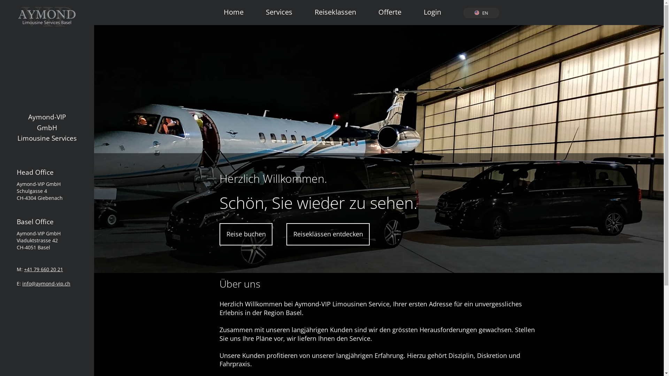  Describe the element at coordinates (335, 8) in the screenshot. I see `'Reiseklassen'` at that location.